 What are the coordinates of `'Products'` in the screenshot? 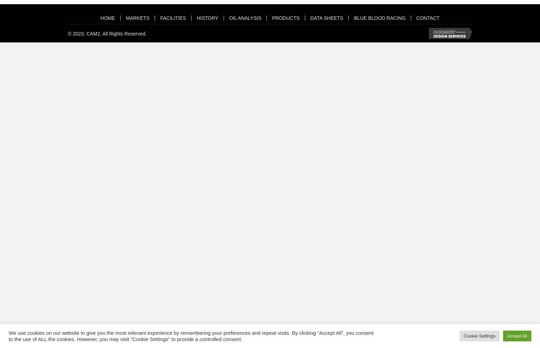 It's located at (285, 18).